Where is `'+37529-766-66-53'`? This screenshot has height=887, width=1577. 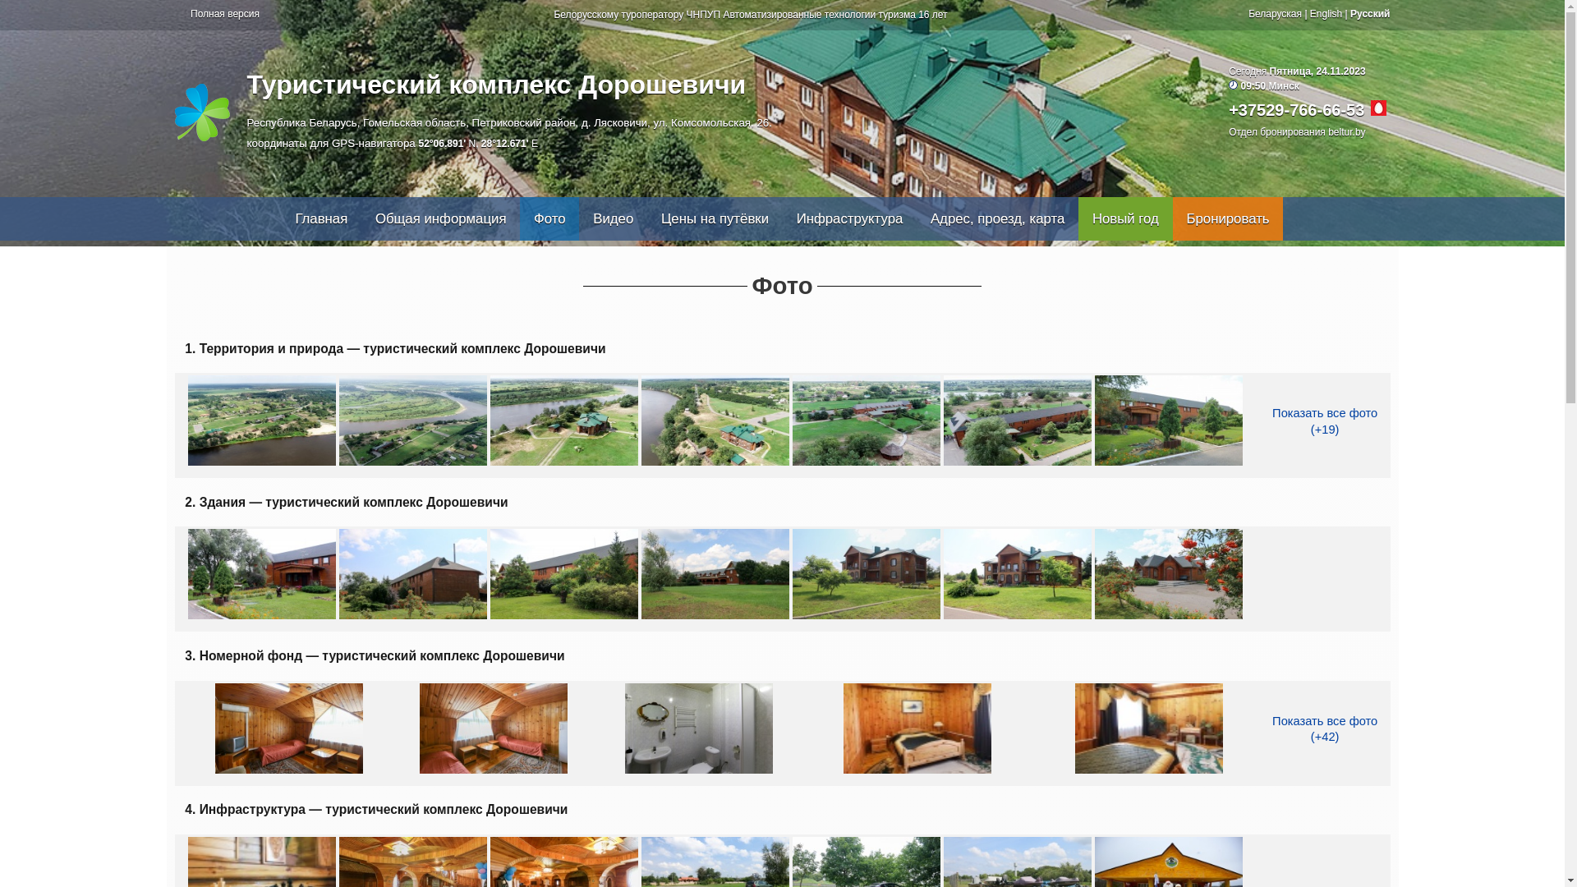
'+37529-766-66-53' is located at coordinates (1295, 110).